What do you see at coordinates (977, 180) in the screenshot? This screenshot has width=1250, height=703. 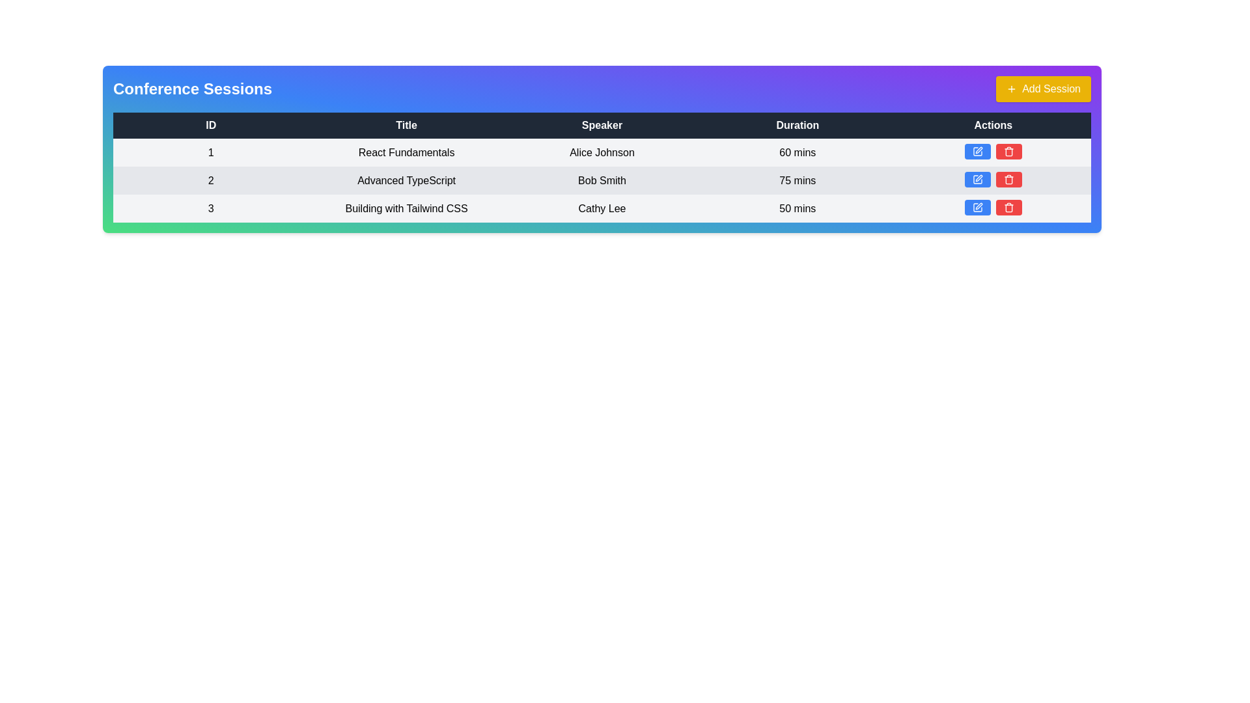 I see `the pen icon within the blue action button located in the second row of the 'Actions' column under the 'Conference Sessions' header` at bounding box center [977, 180].